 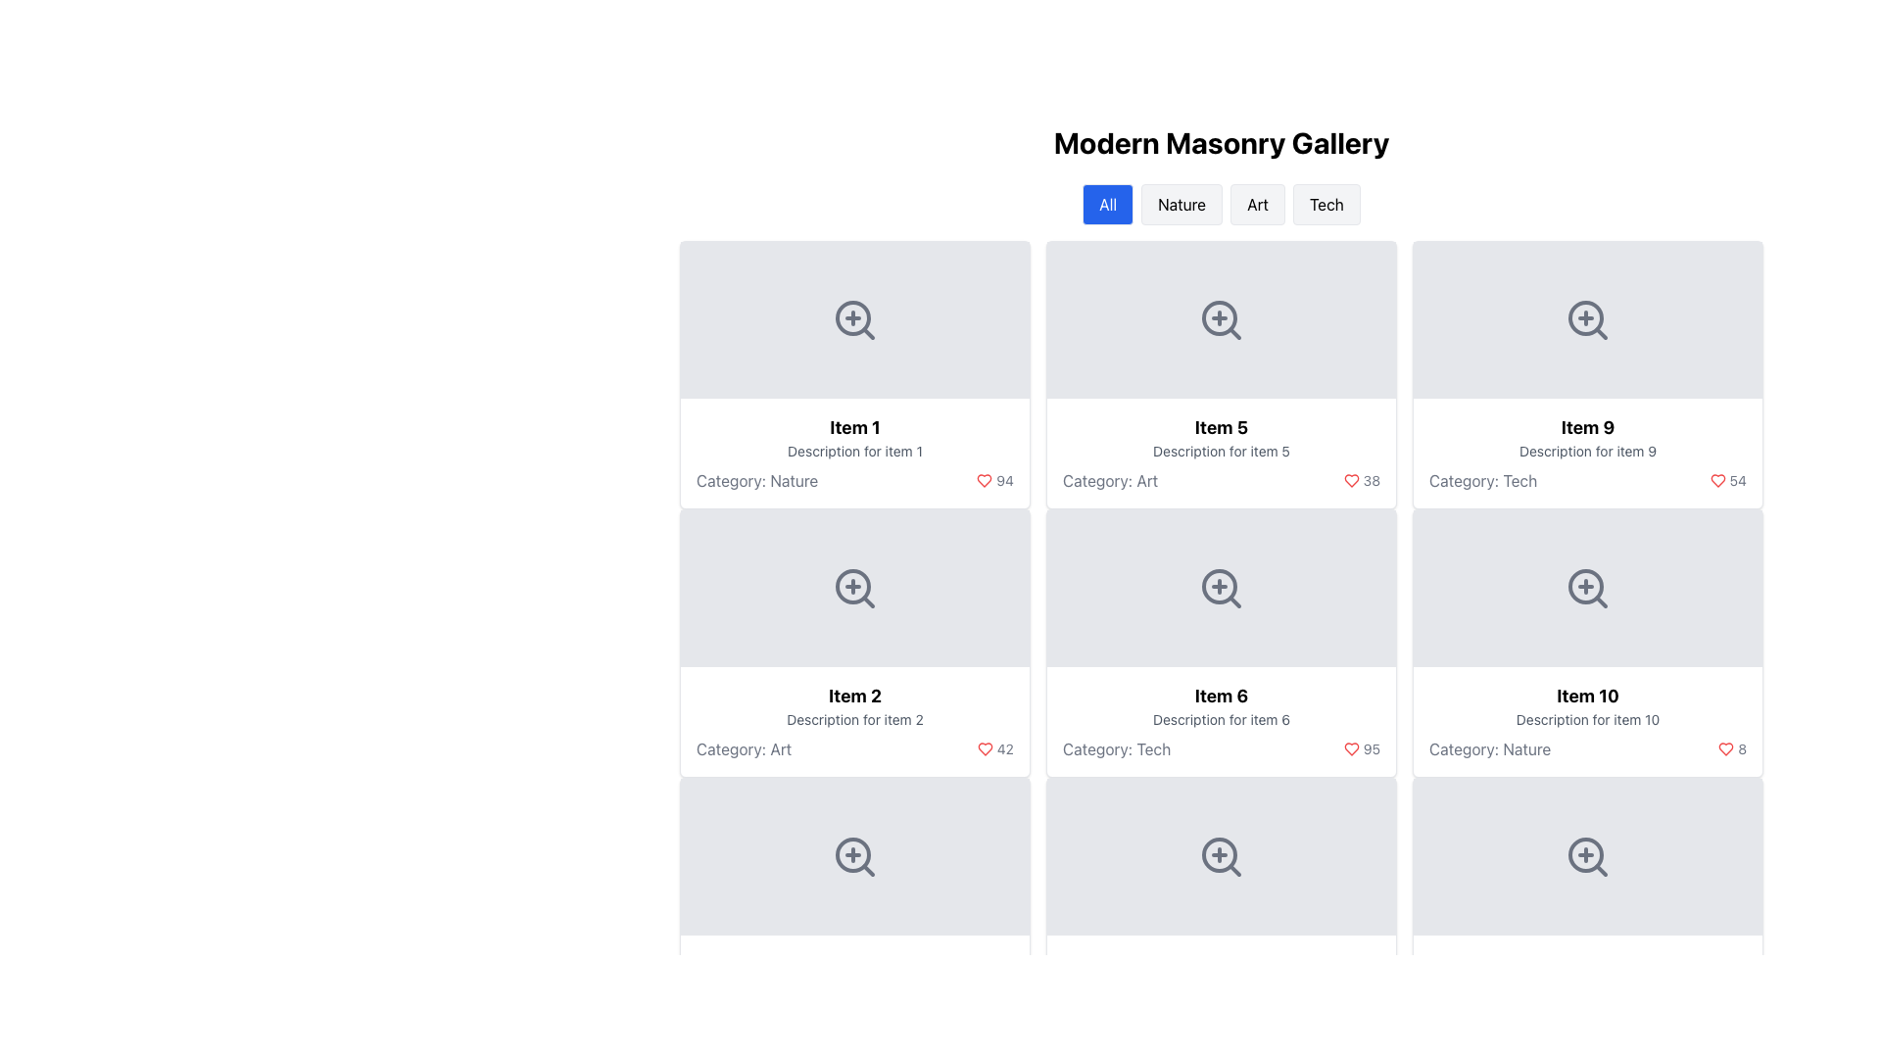 I want to click on the Information Card located in the Modern Masonry Gallery layout, positioned in the third column and third row, below the title 'Item 9' and above the category and numerical likes indicator, so click(x=1588, y=453).